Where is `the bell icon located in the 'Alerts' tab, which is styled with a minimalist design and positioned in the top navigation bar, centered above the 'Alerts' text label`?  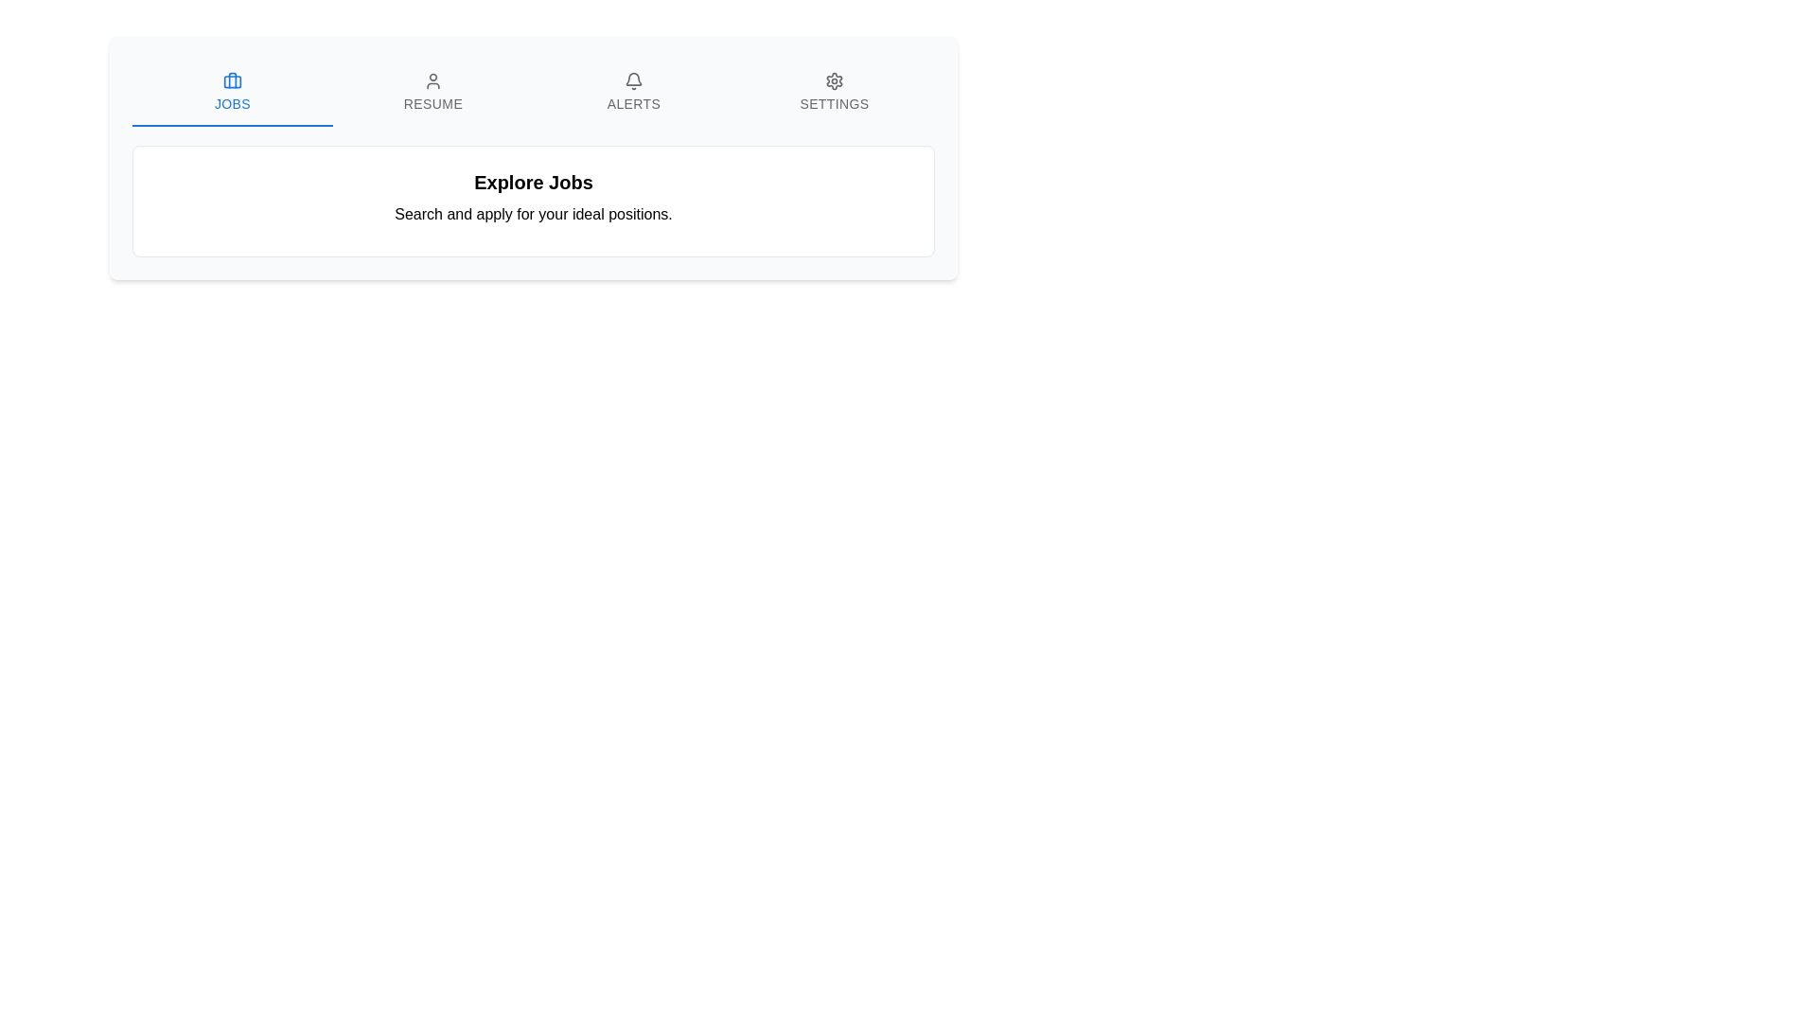 the bell icon located in the 'Alerts' tab, which is styled with a minimalist design and positioned in the top navigation bar, centered above the 'Alerts' text label is located at coordinates (634, 79).